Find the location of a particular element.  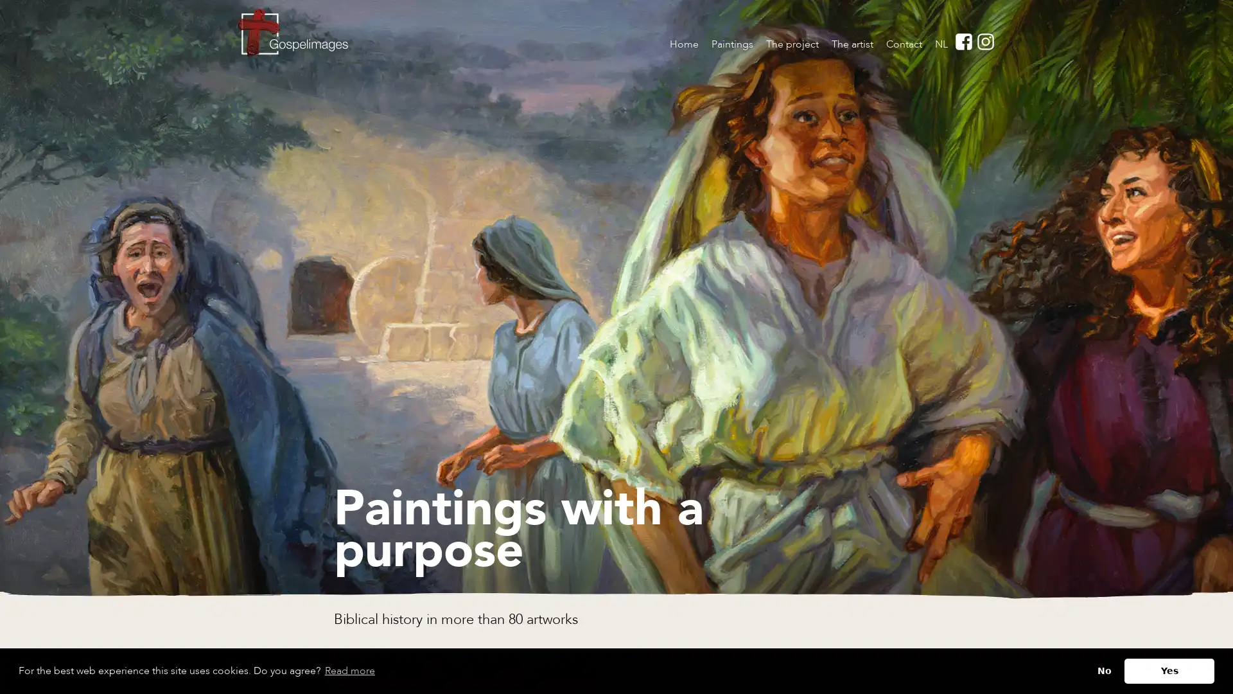

learn more about cookies is located at coordinates (349, 670).